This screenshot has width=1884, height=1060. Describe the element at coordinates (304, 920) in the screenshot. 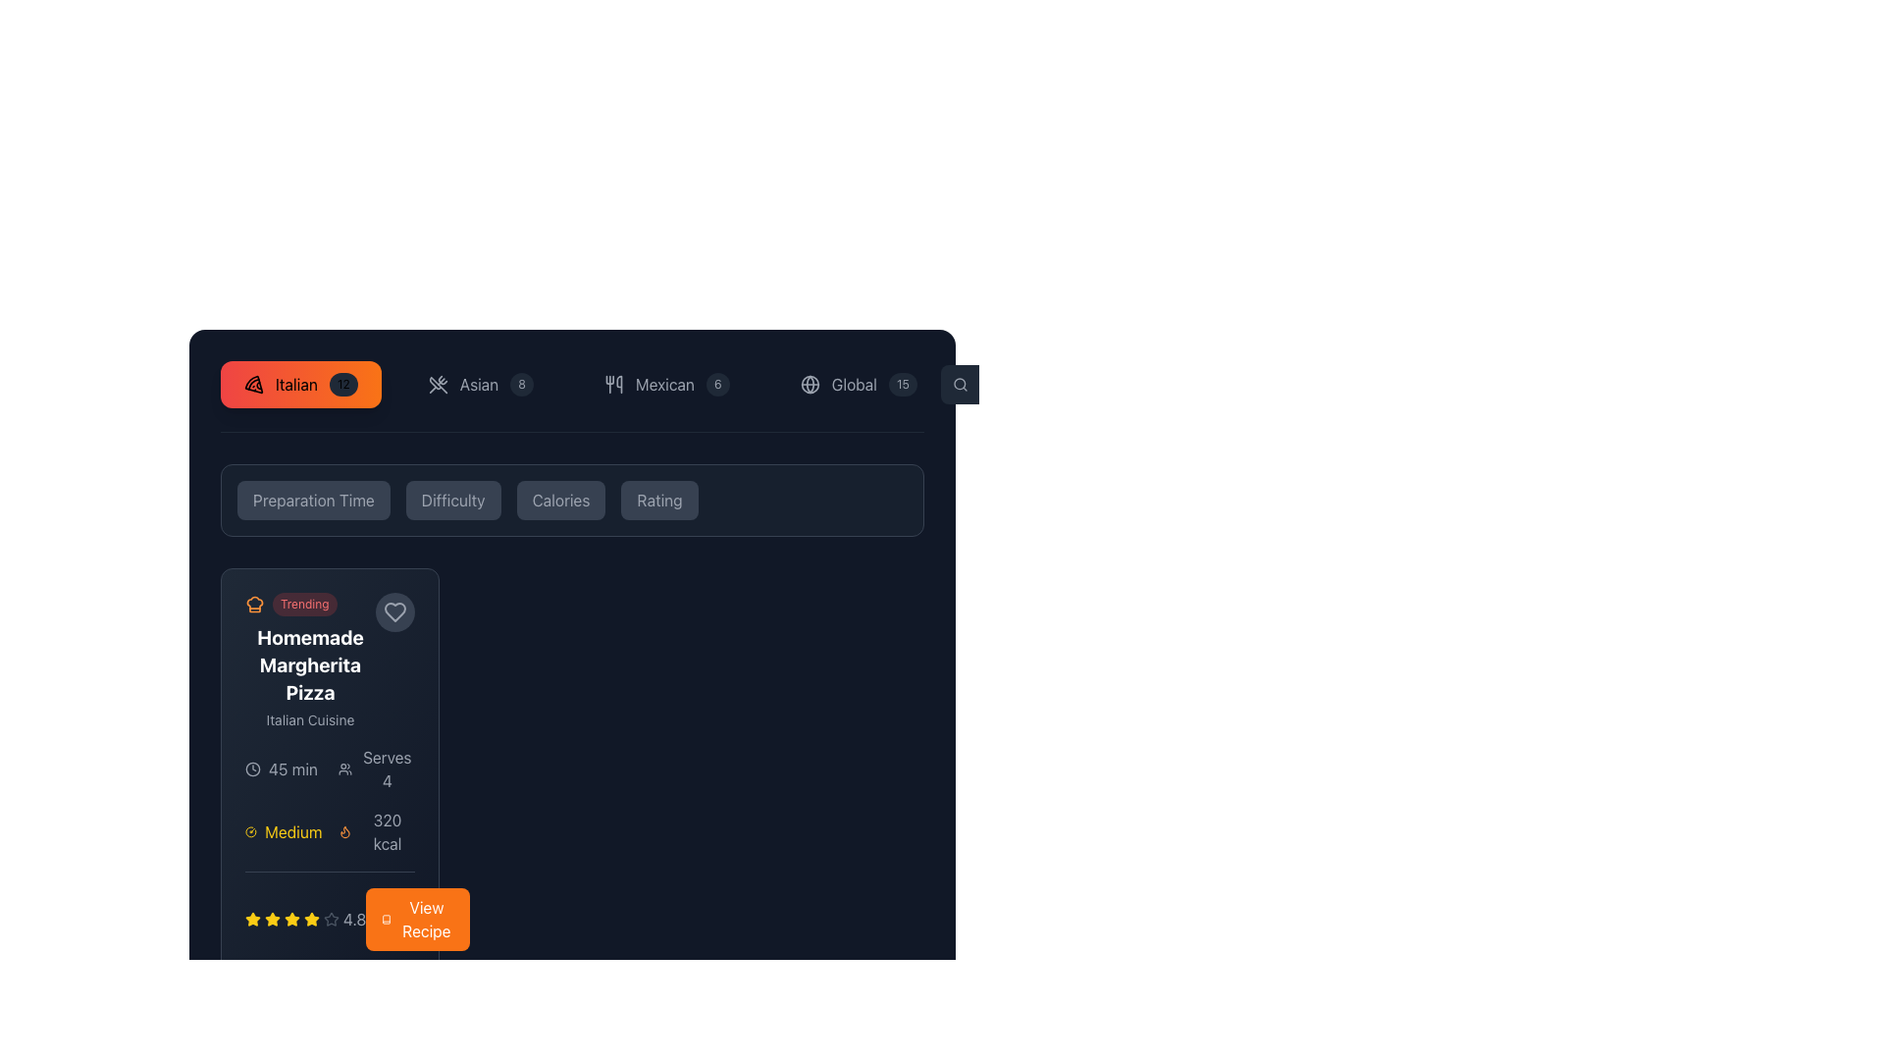

I see `the star icons representing the average user rating for the recipe 'Homemade Margherita Pizza', located to the left of the 'View Recipe' button` at that location.